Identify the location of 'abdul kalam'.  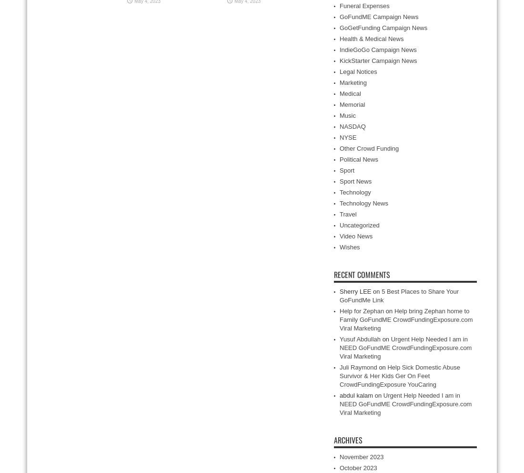
(339, 395).